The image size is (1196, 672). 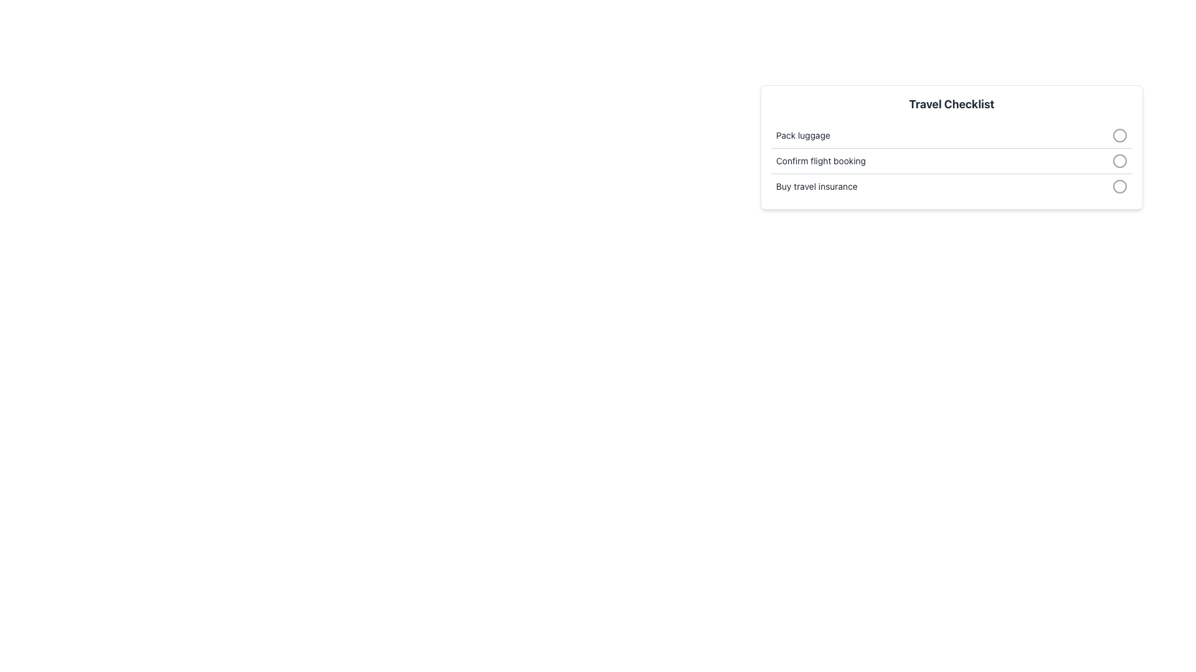 I want to click on the text label that says 'Confirm flight booking', which is styled in gray and located under the 'Travel Checklist' heading, so click(x=821, y=160).